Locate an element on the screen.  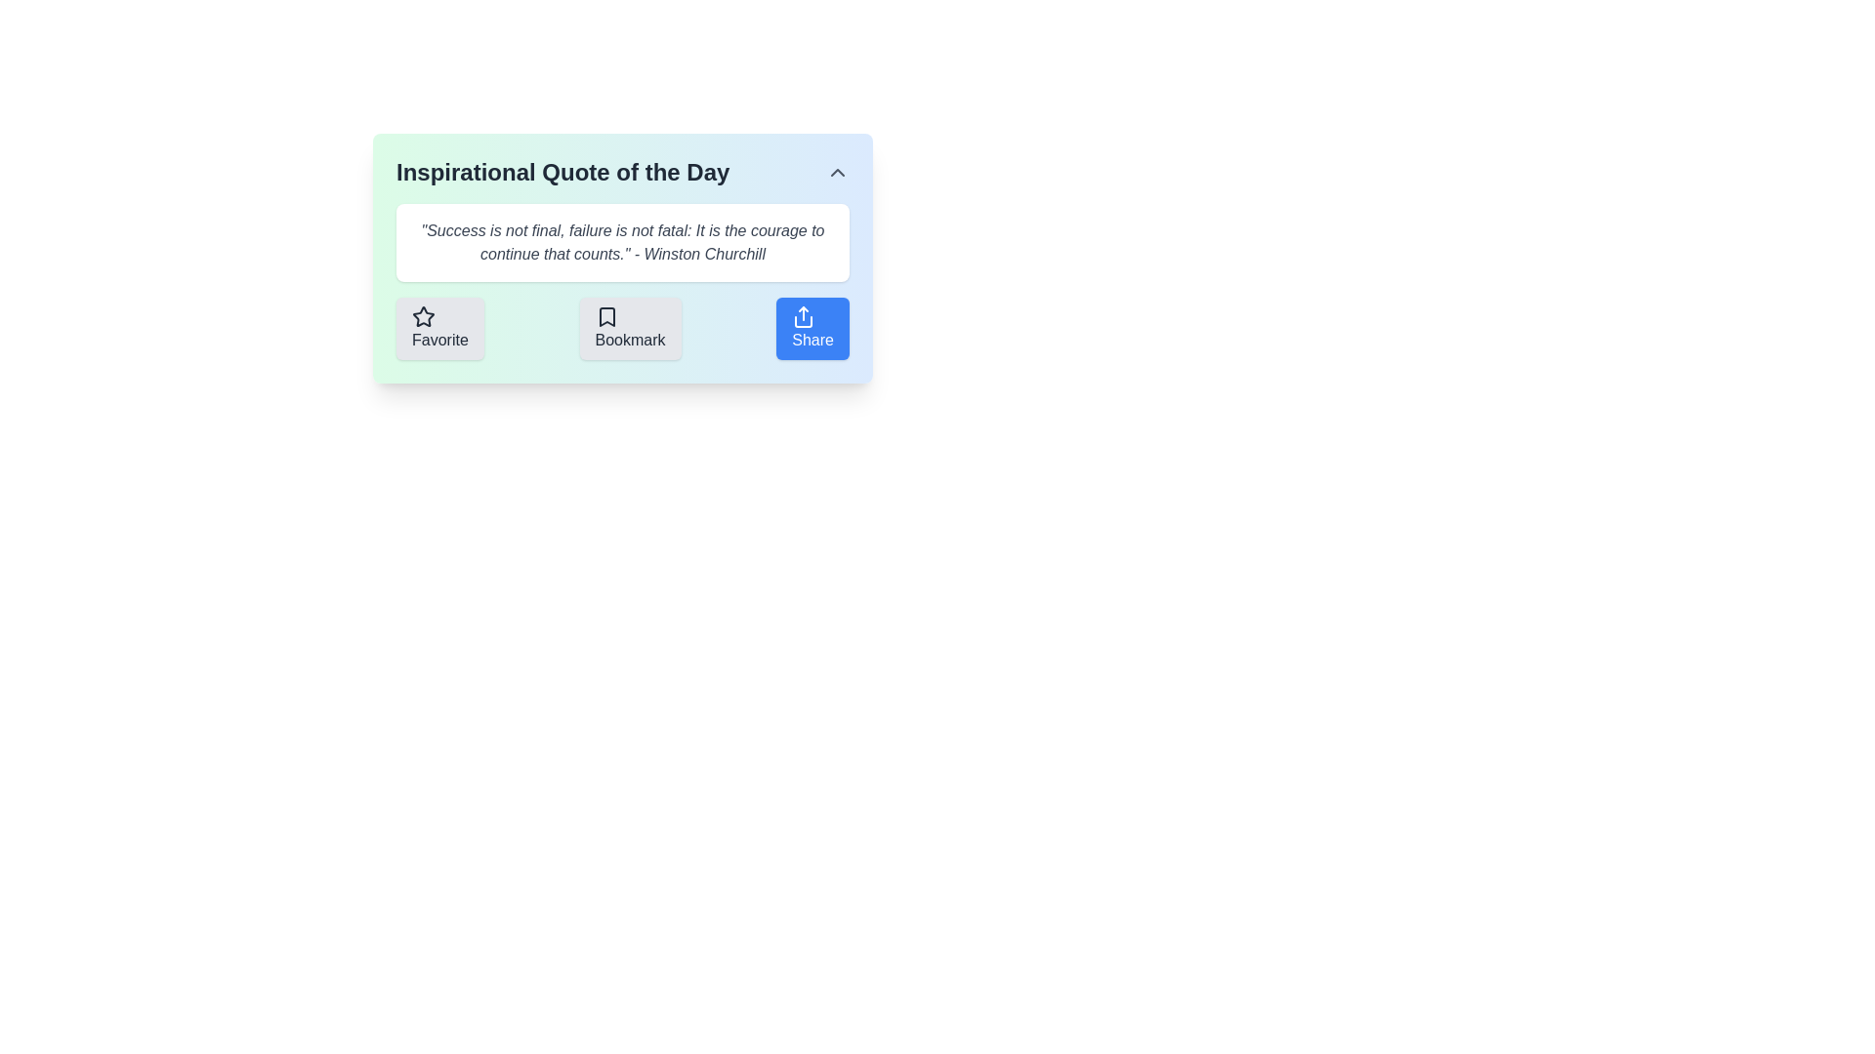
the small upward-facing chevron icon located at the top right corner of the card titled 'Inspirational Quote of the Day' is located at coordinates (838, 172).